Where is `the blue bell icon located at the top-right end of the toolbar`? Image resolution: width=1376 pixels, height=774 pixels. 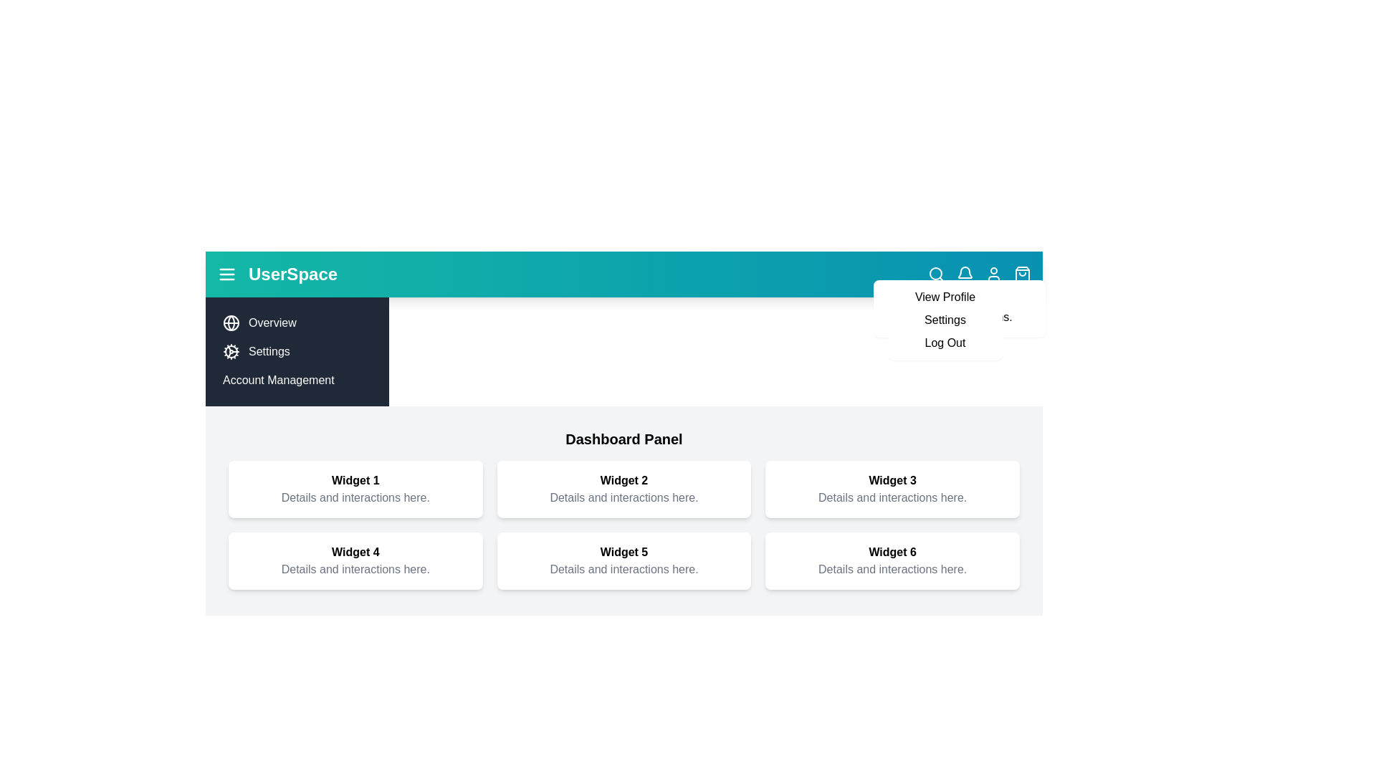 the blue bell icon located at the top-right end of the toolbar is located at coordinates (965, 272).